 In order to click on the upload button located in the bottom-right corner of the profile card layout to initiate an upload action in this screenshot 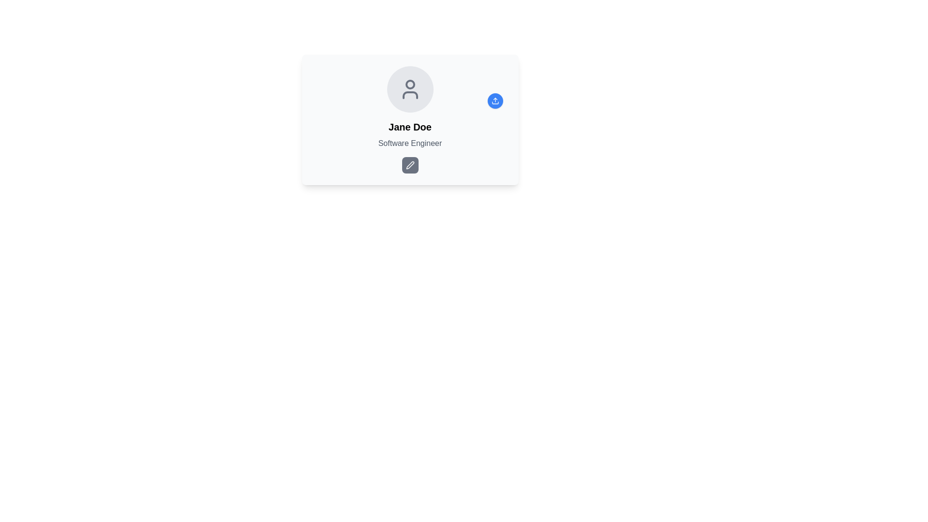, I will do `click(495, 101)`.